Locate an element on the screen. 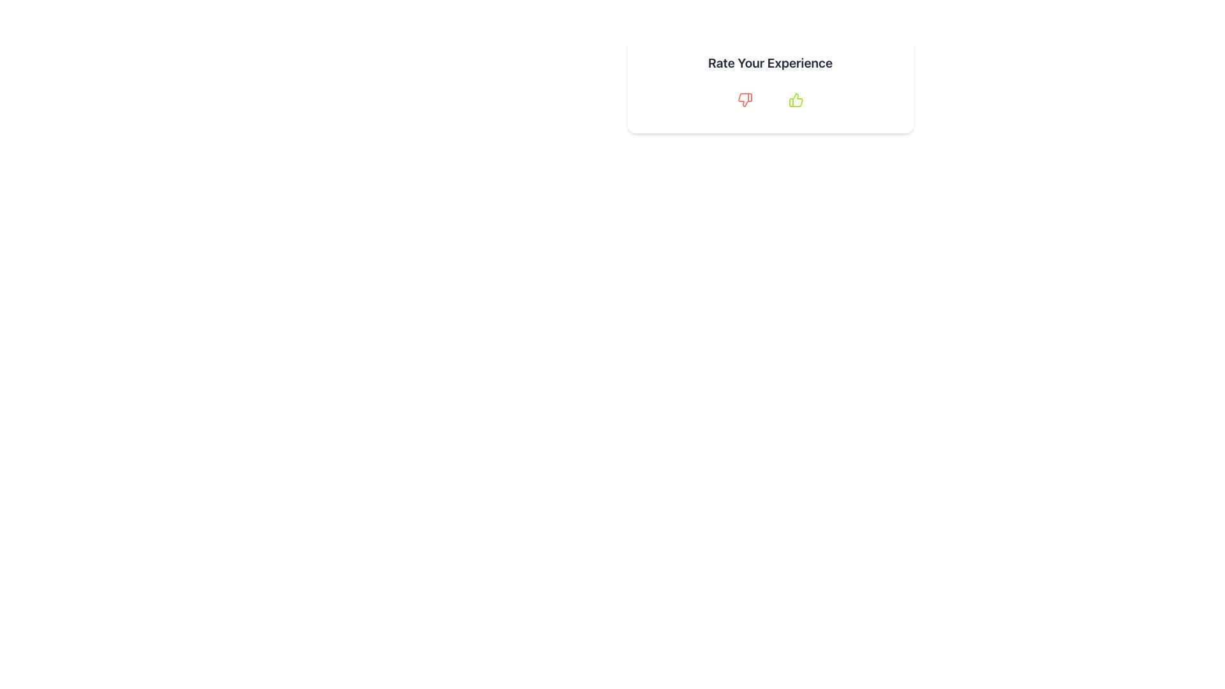 The image size is (1225, 689). the circular, icon-based button with a white background and a red 'thumbs-down' icon to provide negative feedback is located at coordinates (745, 100).